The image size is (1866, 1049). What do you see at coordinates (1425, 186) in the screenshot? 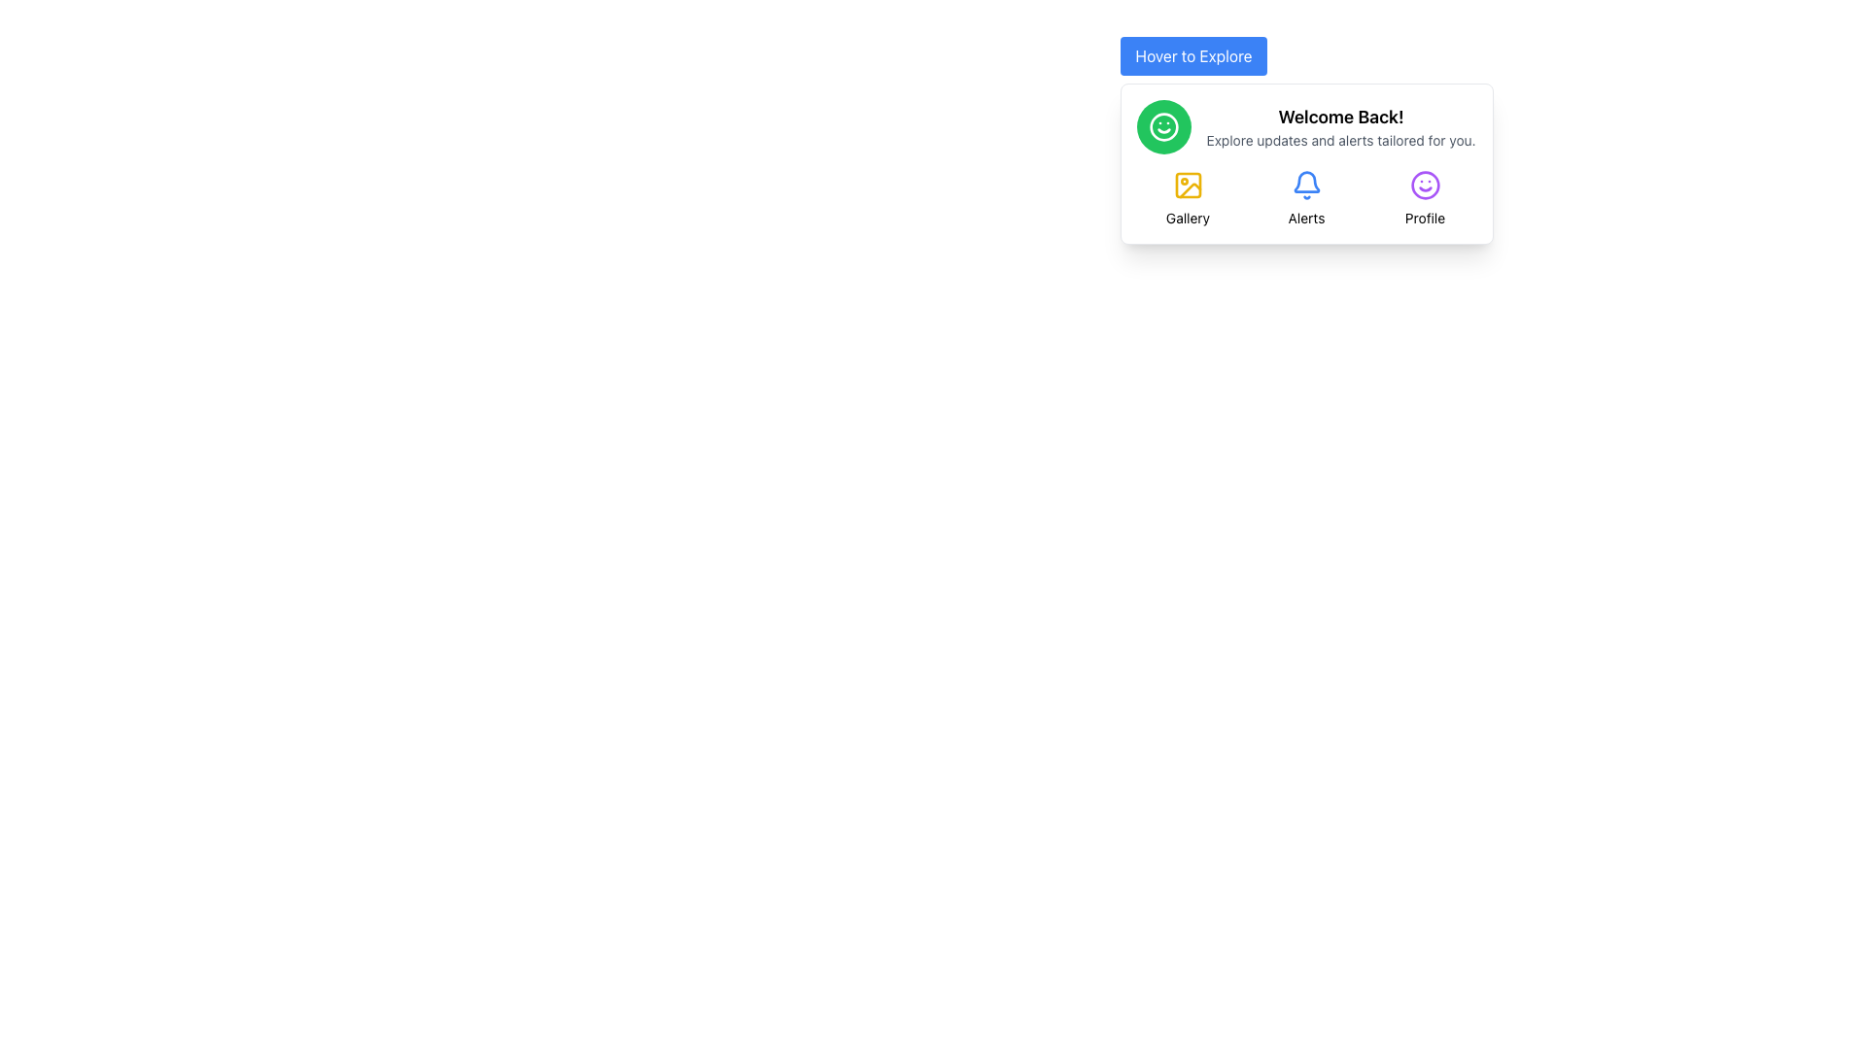
I see `the 'Profile' icon located in the bottom section of the interface, under the heading 'Welcome Back!'. This icon is the last in a row of icons and is positioned above the text 'Profile'` at bounding box center [1425, 186].